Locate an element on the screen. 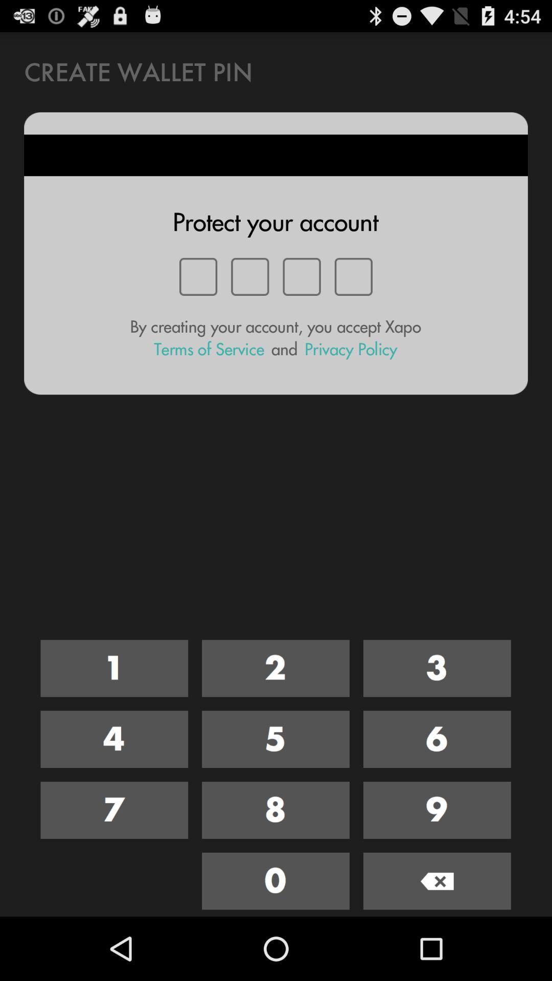  number 2 button is located at coordinates (275, 668).